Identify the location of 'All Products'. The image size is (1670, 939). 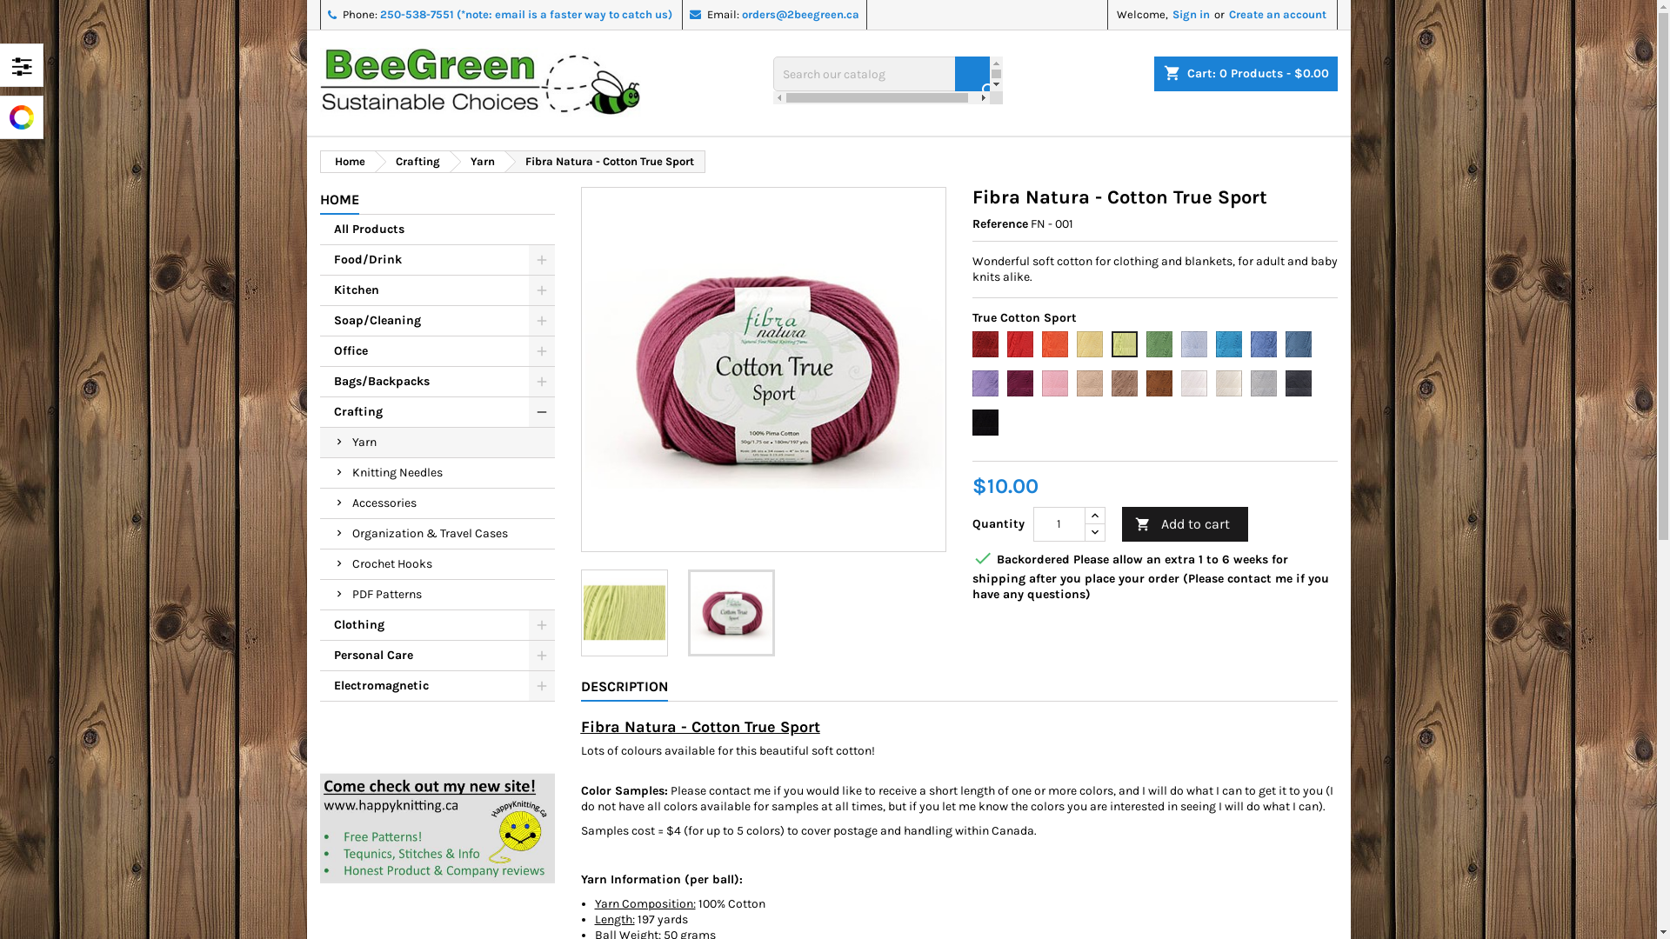
(438, 229).